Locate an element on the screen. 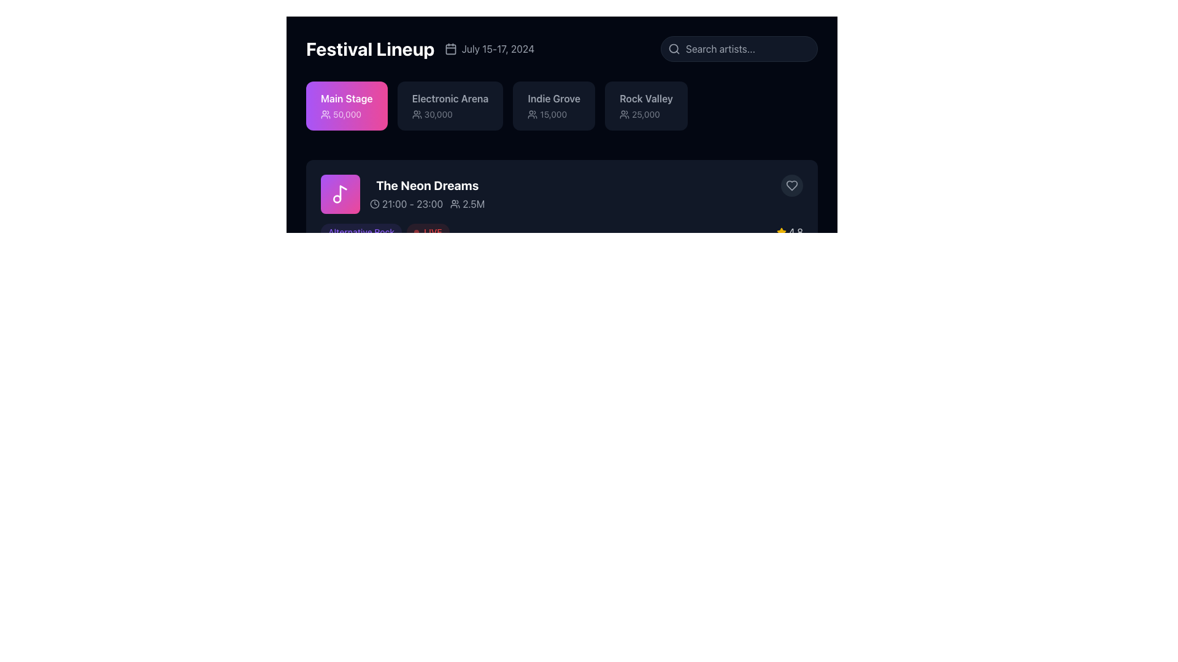 The height and width of the screenshot is (662, 1178). the icon of two user silhouettes located to the left of the text '30,000' associated with 'Electronic Arena' is located at coordinates (417, 114).